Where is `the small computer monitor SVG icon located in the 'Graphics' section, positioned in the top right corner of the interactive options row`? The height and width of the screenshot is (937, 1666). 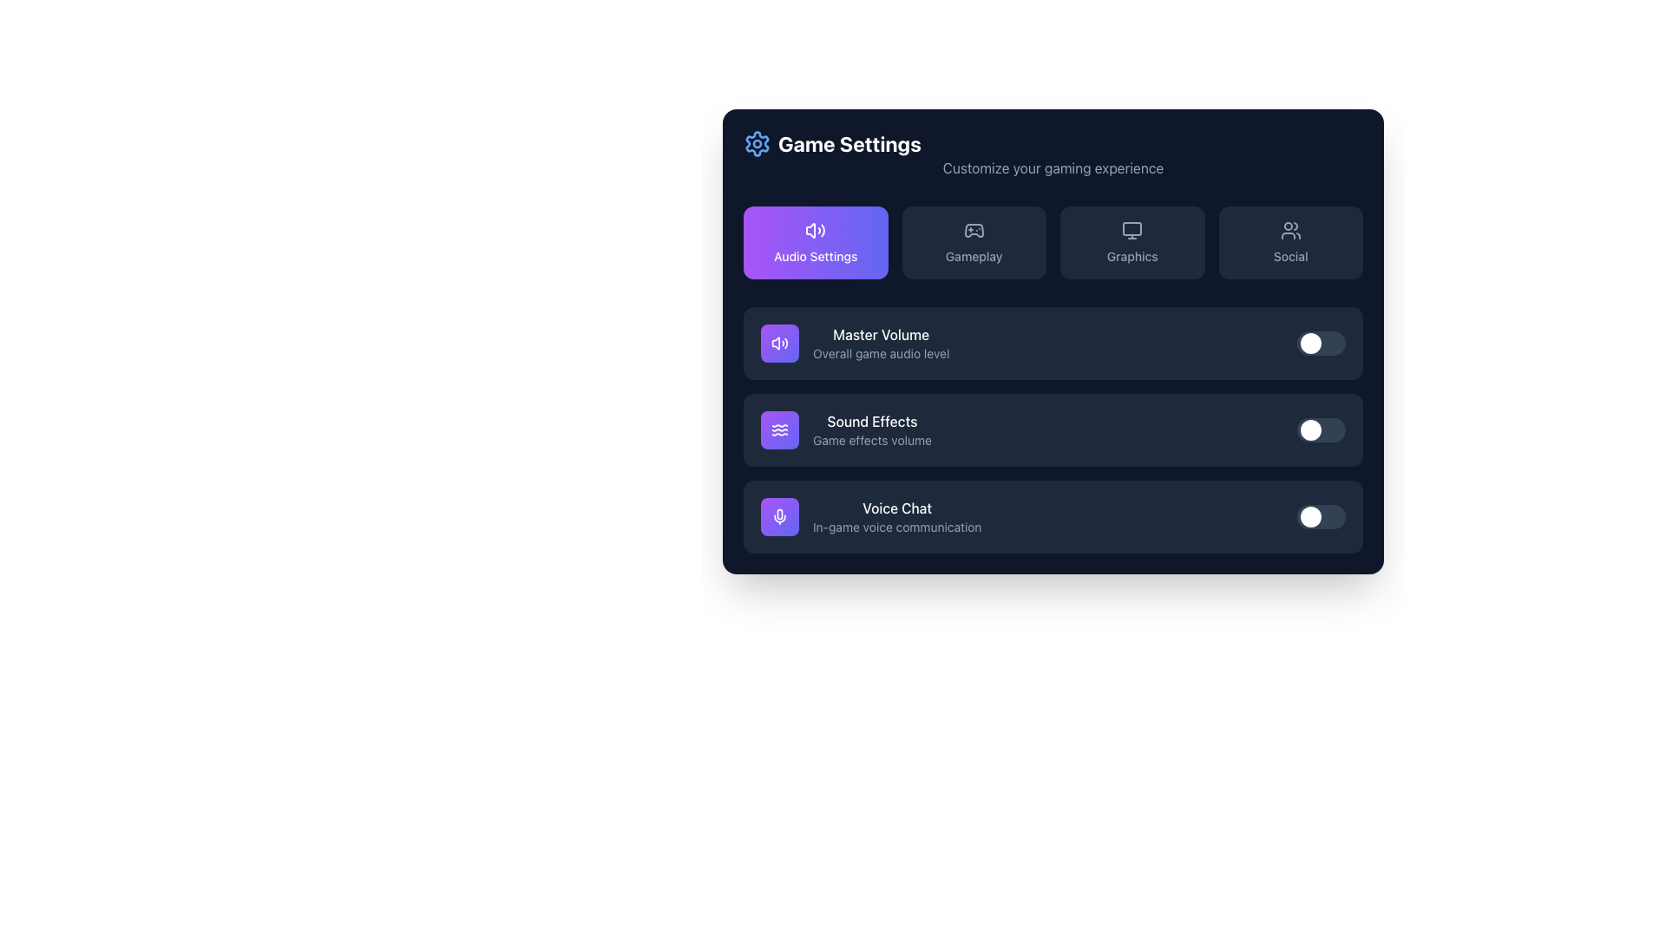 the small computer monitor SVG icon located in the 'Graphics' section, positioned in the top right corner of the interactive options row is located at coordinates (1132, 230).